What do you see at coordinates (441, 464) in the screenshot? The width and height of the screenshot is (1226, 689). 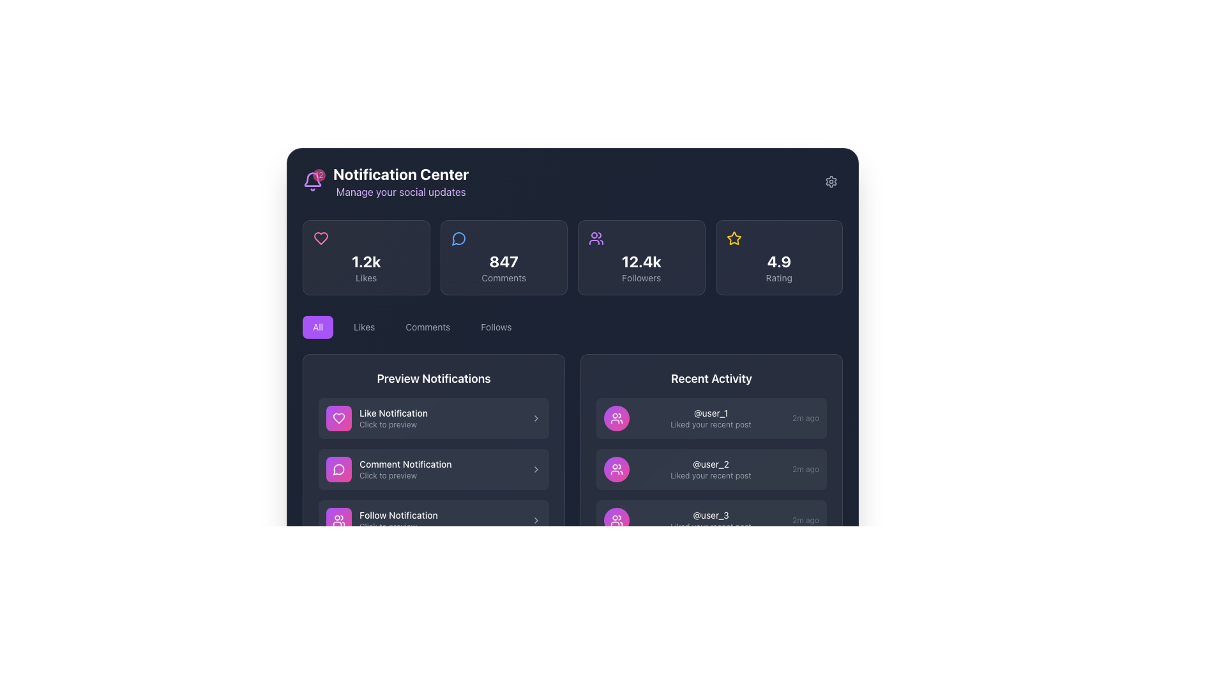 I see `the descriptive label for the notification located below the 'Preview Notifications' header in the left column of the notification card` at bounding box center [441, 464].